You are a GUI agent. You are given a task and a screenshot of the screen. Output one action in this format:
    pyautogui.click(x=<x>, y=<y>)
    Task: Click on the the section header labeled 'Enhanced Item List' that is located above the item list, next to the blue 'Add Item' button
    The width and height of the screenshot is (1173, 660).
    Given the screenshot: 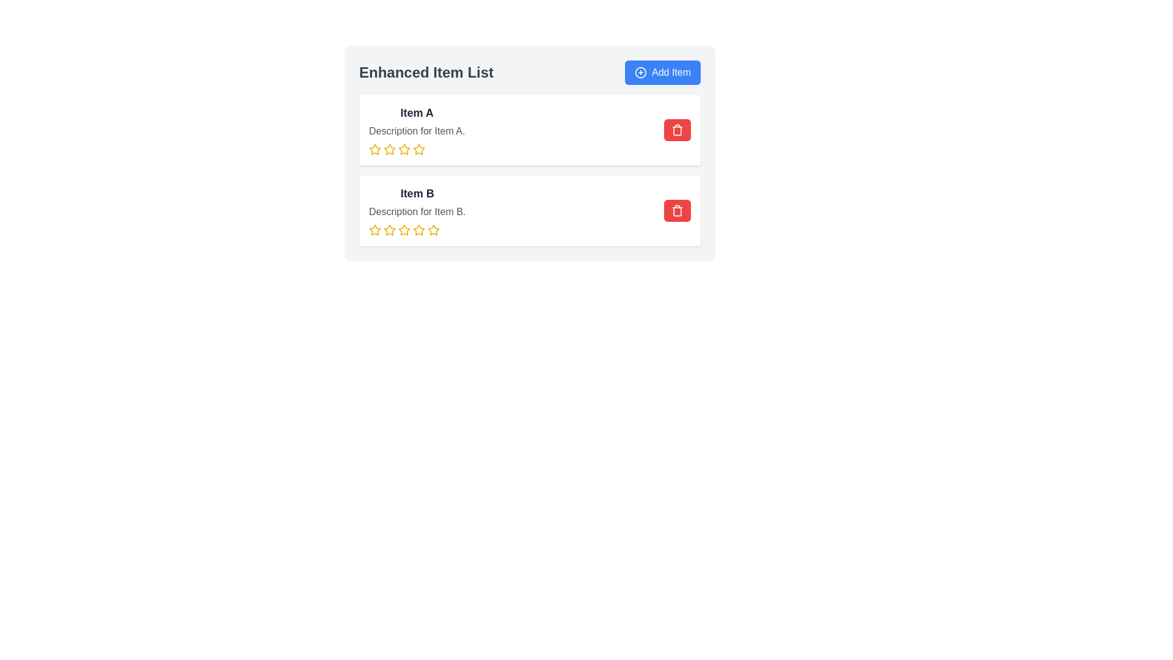 What is the action you would take?
    pyautogui.click(x=530, y=73)
    